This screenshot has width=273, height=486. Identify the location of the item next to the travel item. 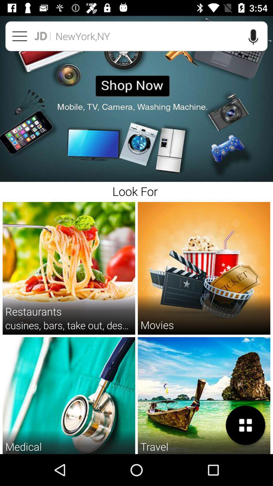
(245, 425).